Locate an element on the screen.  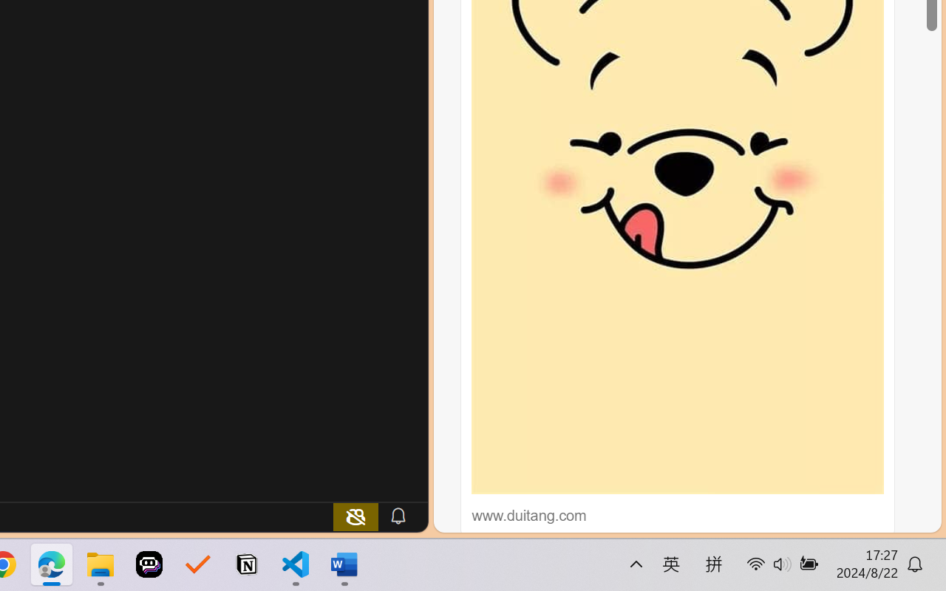
'copilot-notconnected, Copilot error (click for details)' is located at coordinates (355, 516).